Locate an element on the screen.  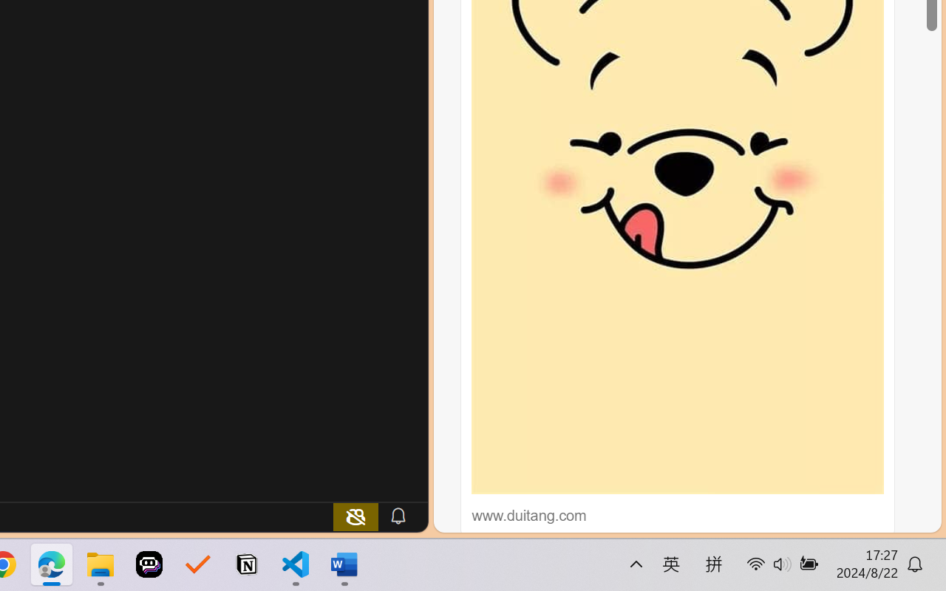
'copilot-notconnected, Copilot error (click for details)' is located at coordinates (355, 516).